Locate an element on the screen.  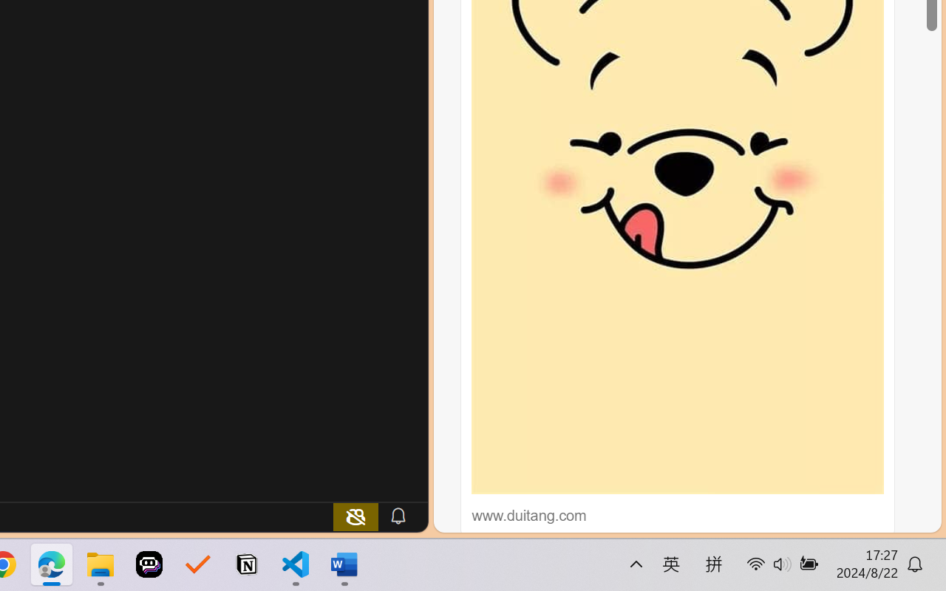
'copilot-notconnected, Copilot error (click for details)' is located at coordinates (355, 516).